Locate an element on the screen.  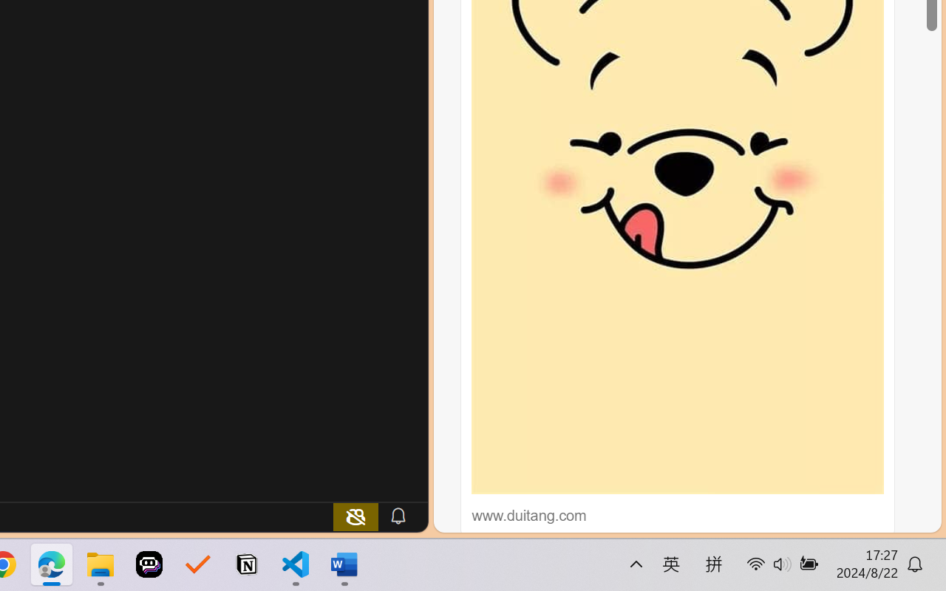
'copilot-notconnected, Copilot error (click for details)' is located at coordinates (355, 516).